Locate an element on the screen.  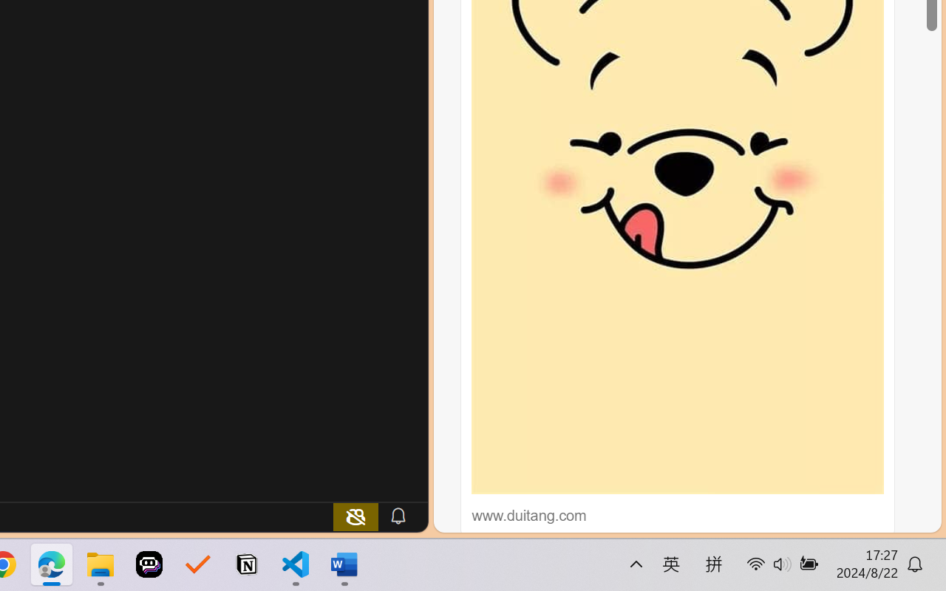
'copilot-notconnected, Copilot error (click for details)' is located at coordinates (355, 516).